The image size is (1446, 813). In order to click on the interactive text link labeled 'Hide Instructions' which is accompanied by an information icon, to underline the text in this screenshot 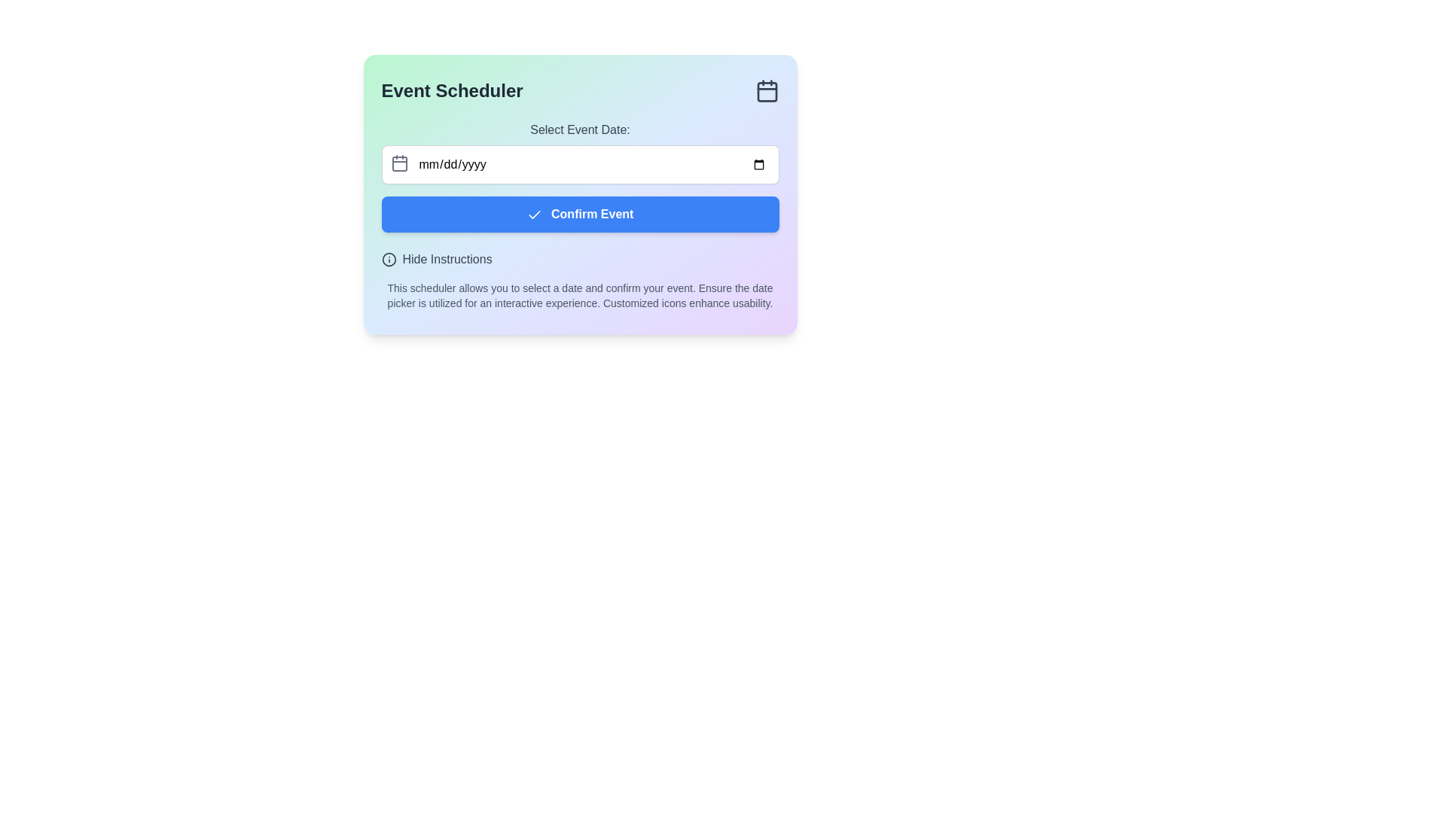, I will do `click(436, 258)`.